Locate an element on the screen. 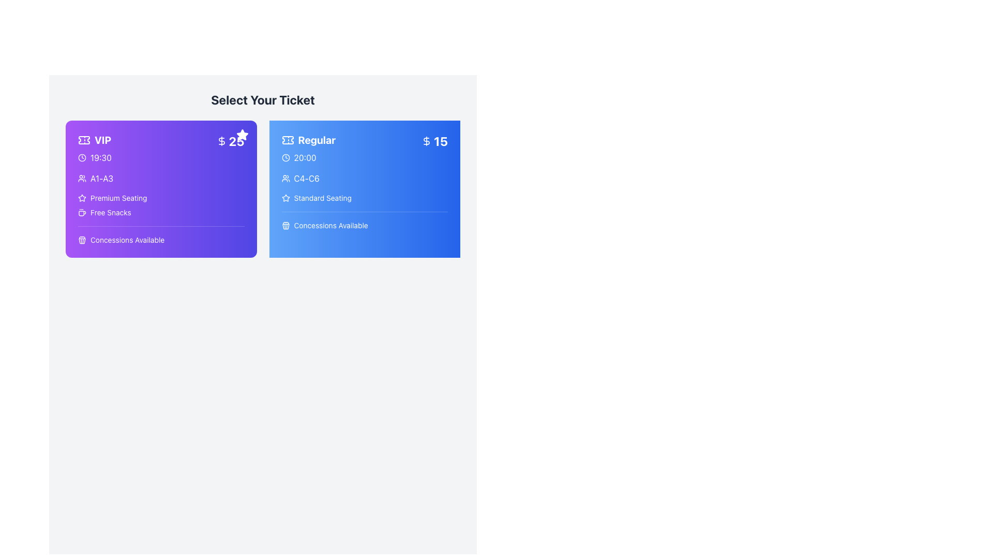 Image resolution: width=993 pixels, height=559 pixels. the informational text label indicating the availability of concessions for the VIP ticket option, located in the bottom-left section of the purple card labeled 'VIP' is located at coordinates (127, 240).